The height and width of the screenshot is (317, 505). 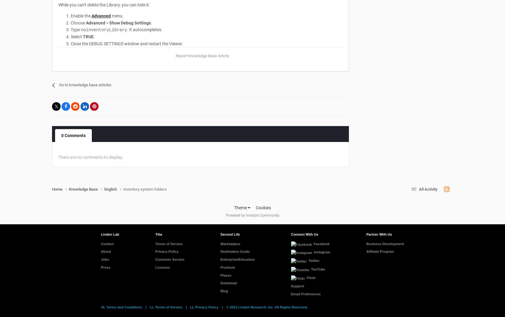 I want to click on 'window and restart the Viewer.', so click(x=153, y=43).